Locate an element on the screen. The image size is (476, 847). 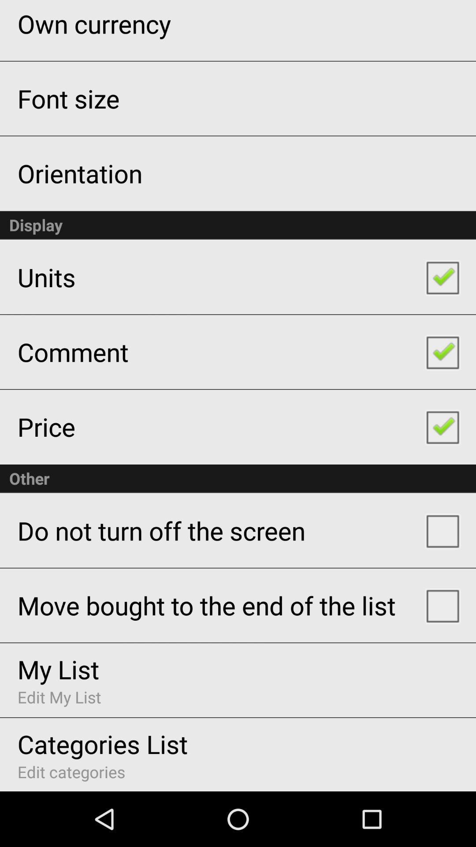
the item below do not turn item is located at coordinates (206, 605).